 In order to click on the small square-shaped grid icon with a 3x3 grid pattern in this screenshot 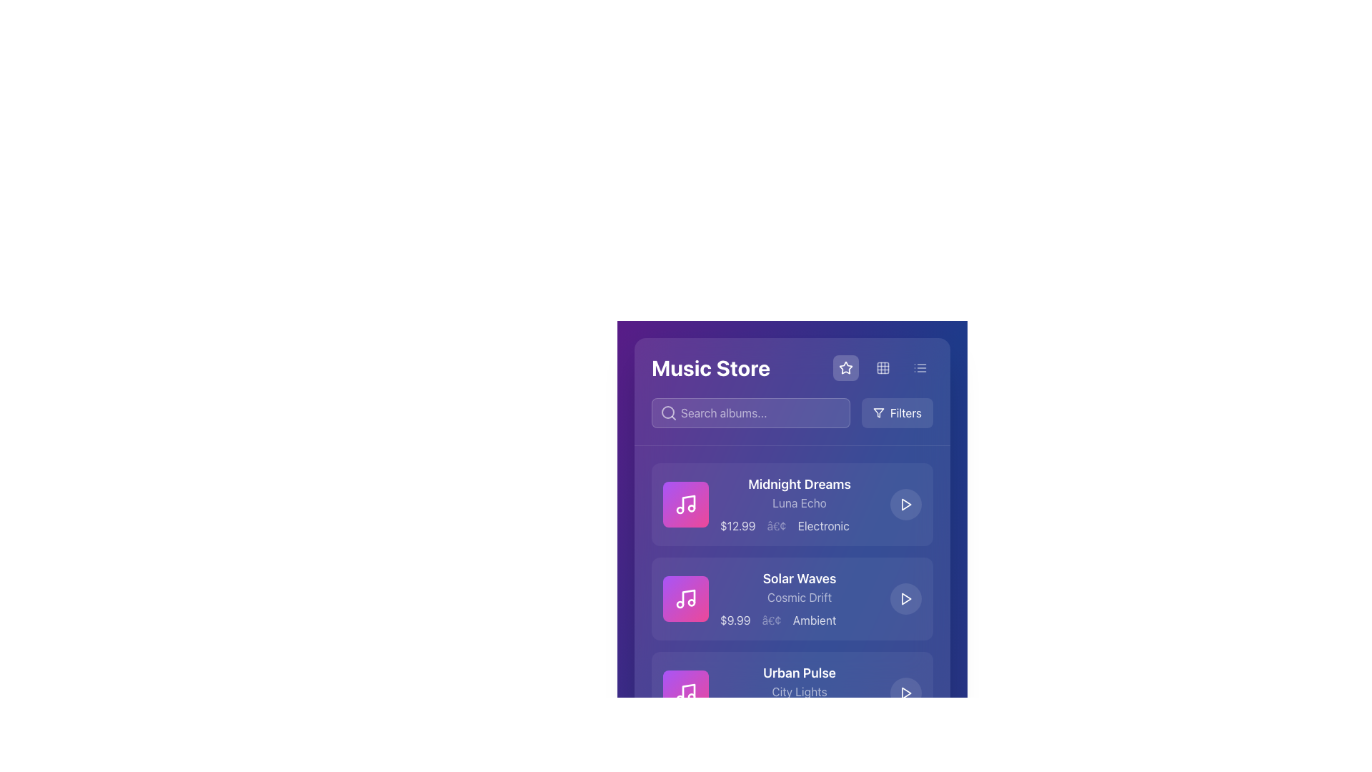, I will do `click(883, 367)`.